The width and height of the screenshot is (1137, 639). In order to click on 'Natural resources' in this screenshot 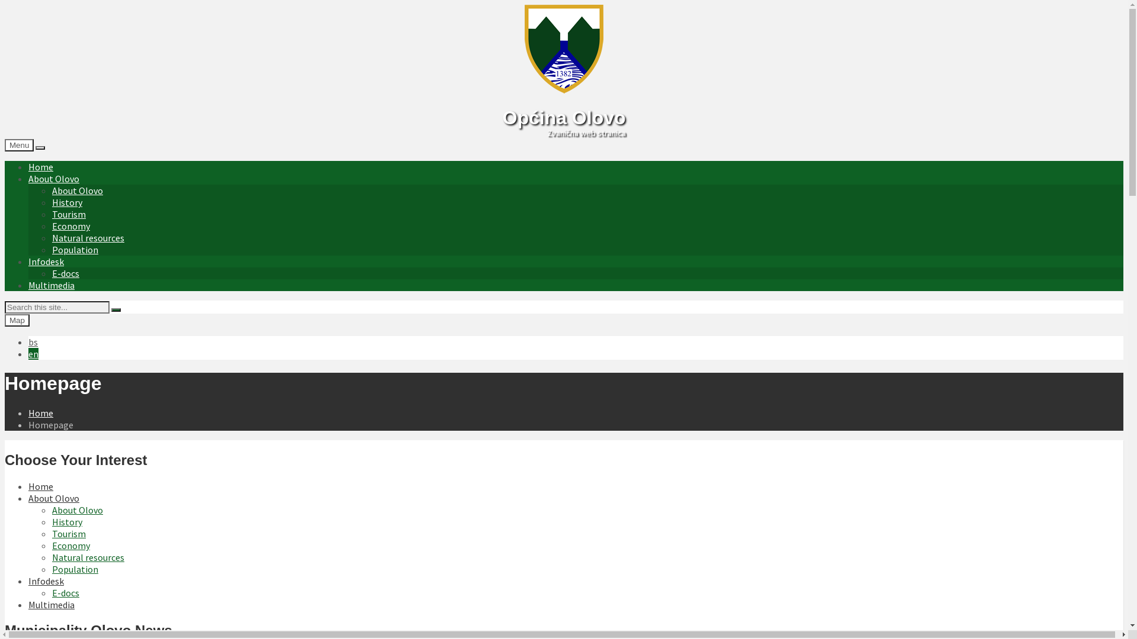, I will do `click(87, 237)`.